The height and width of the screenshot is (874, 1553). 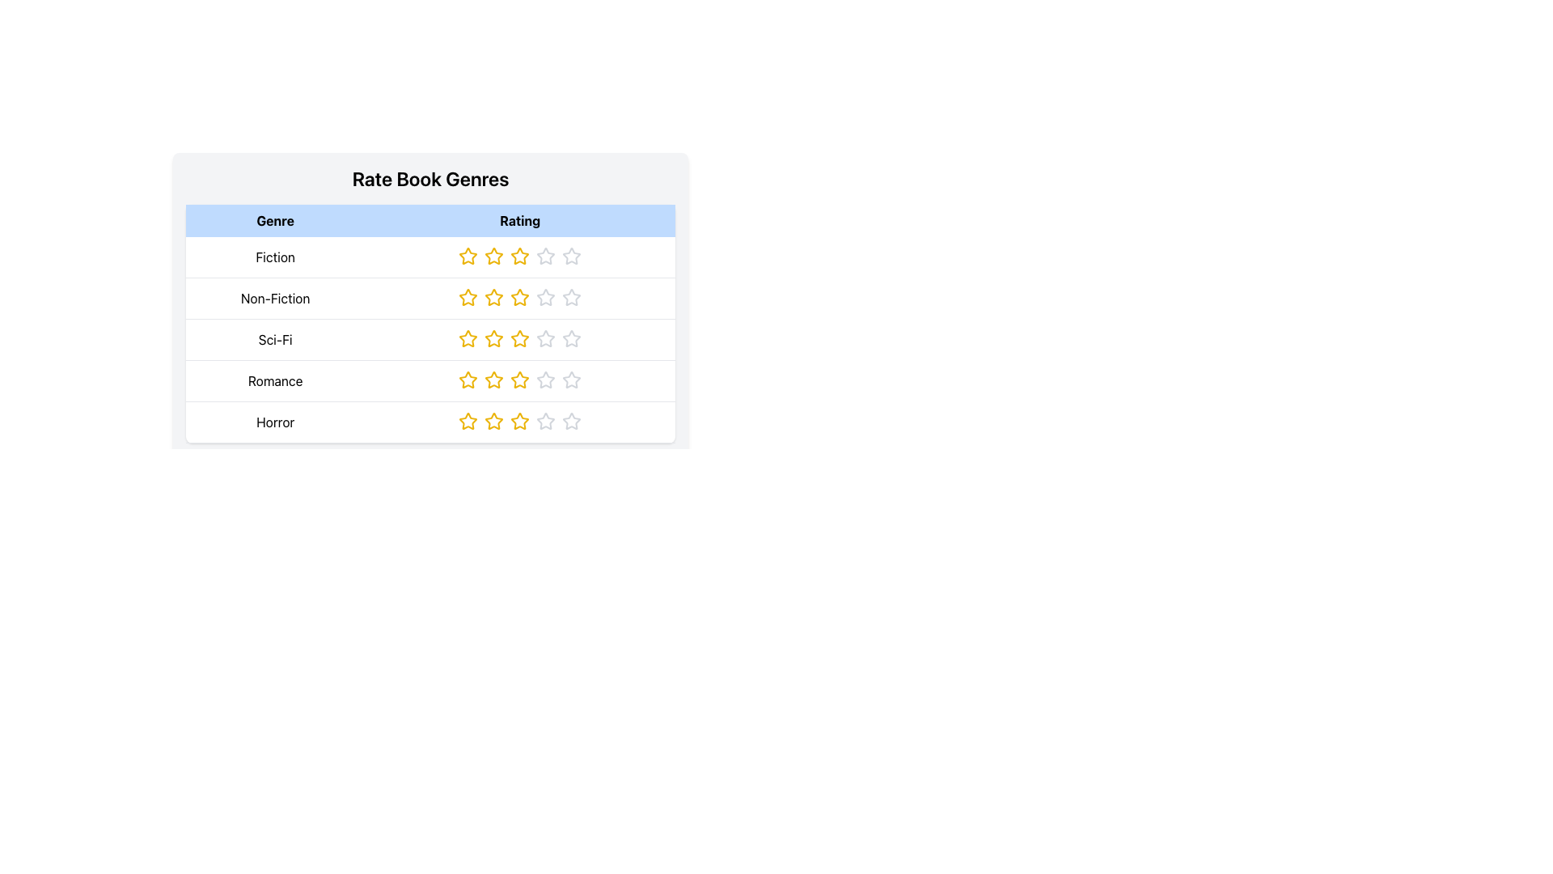 I want to click on the fifth gray star icon used for rating in the Horror genre, located at the bottom of the table, so click(x=546, y=420).